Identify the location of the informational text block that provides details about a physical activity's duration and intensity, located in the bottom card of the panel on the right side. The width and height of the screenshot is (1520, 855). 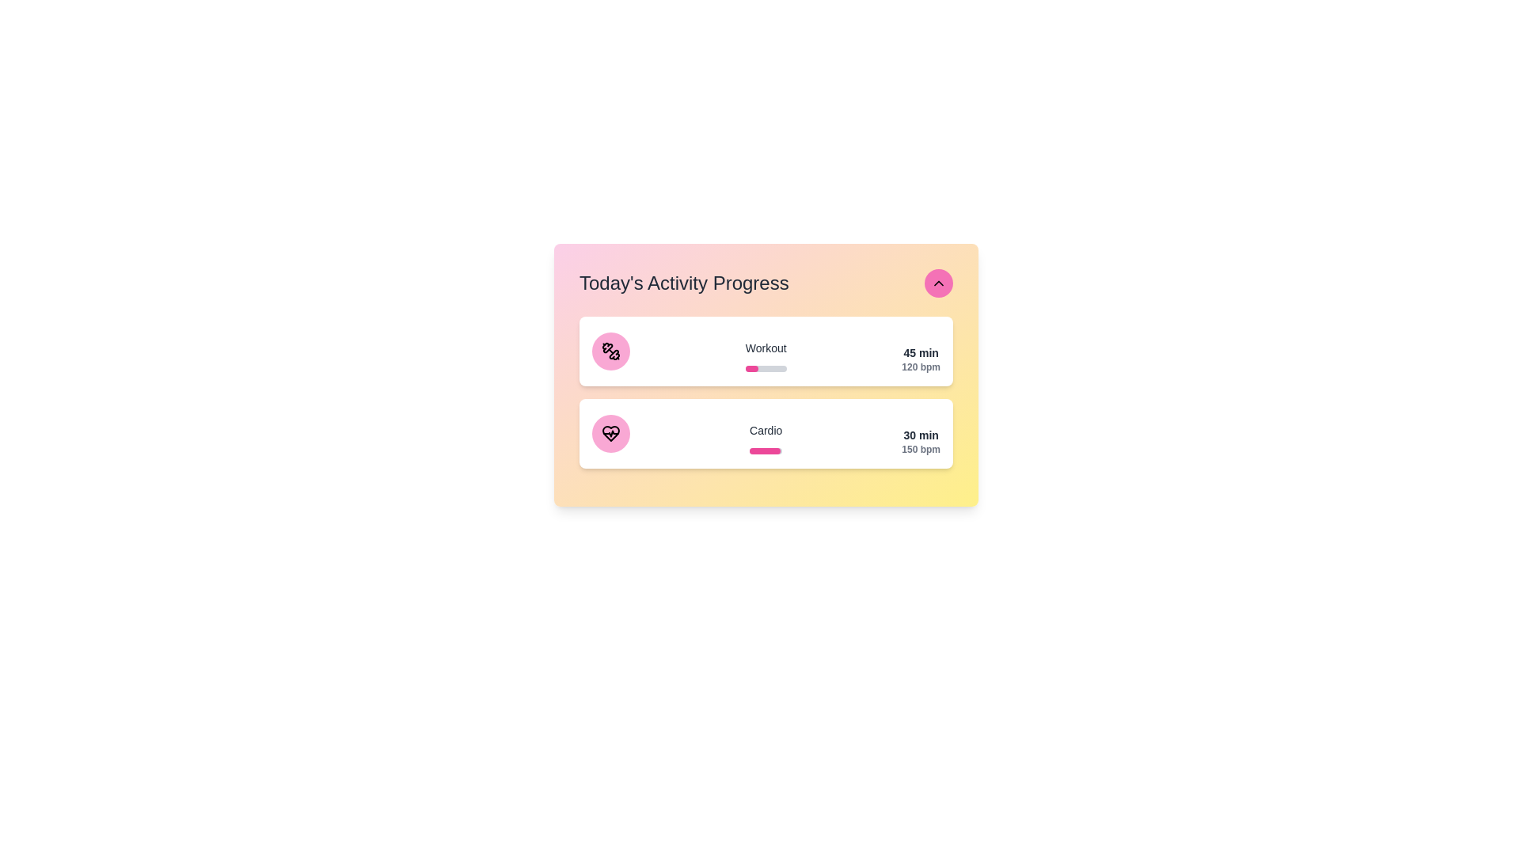
(921, 439).